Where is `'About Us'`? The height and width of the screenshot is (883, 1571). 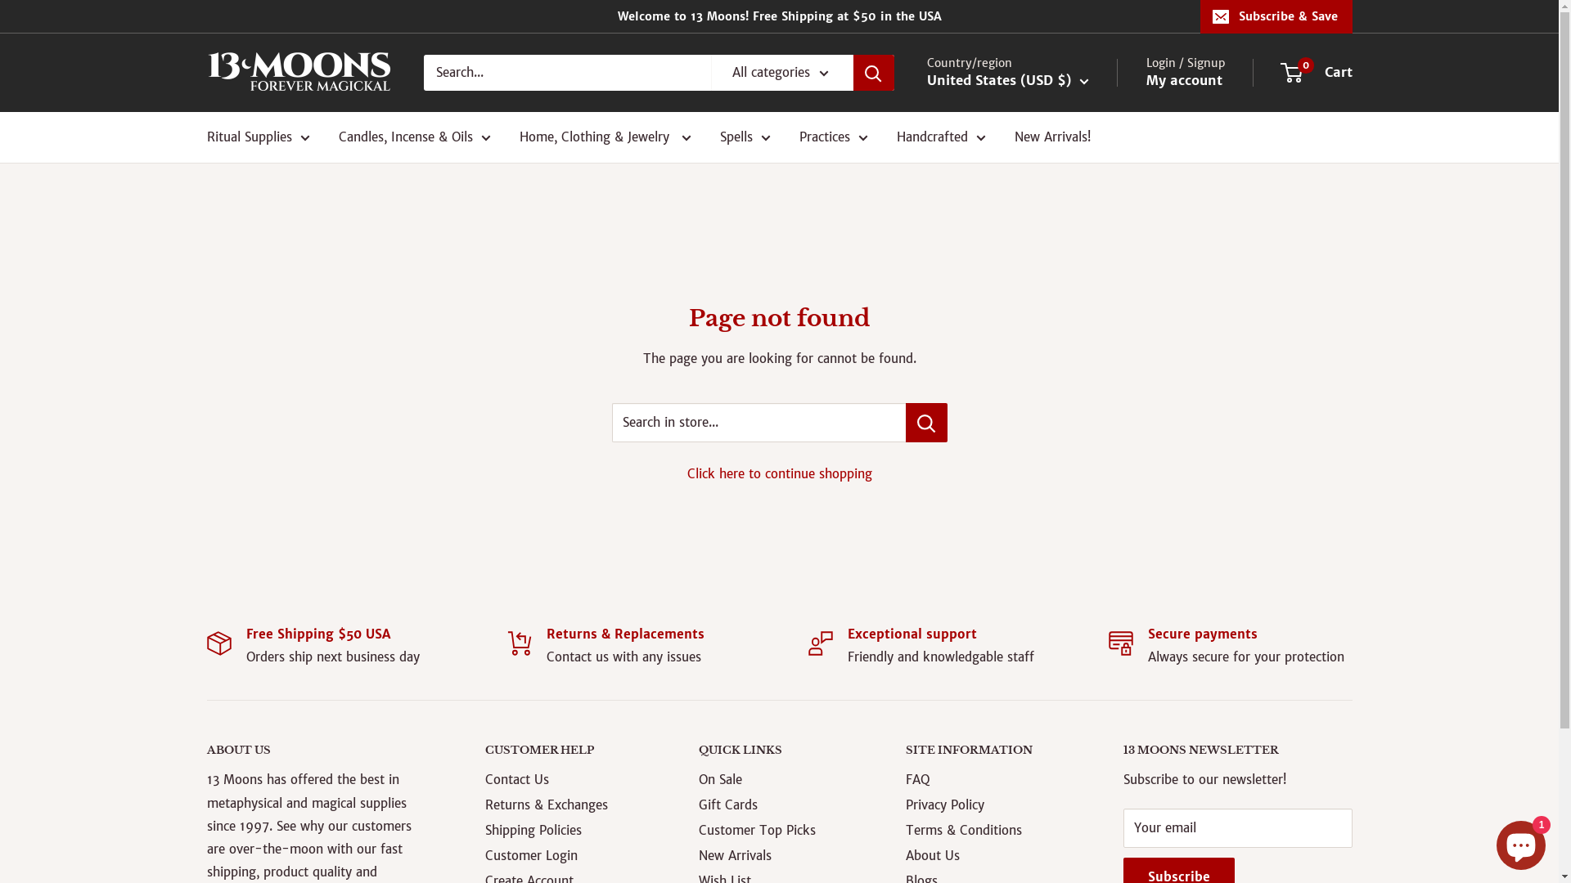 'About Us' is located at coordinates (984, 854).